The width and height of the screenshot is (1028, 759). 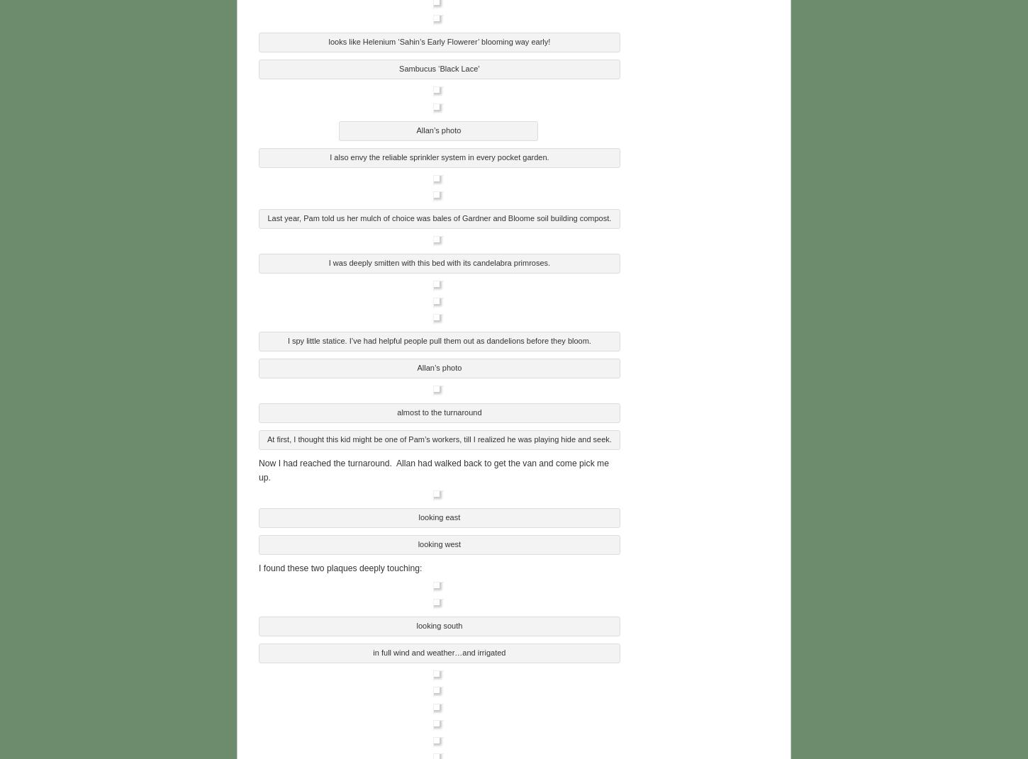 I want to click on 'almost to the turnaround', so click(x=438, y=410).